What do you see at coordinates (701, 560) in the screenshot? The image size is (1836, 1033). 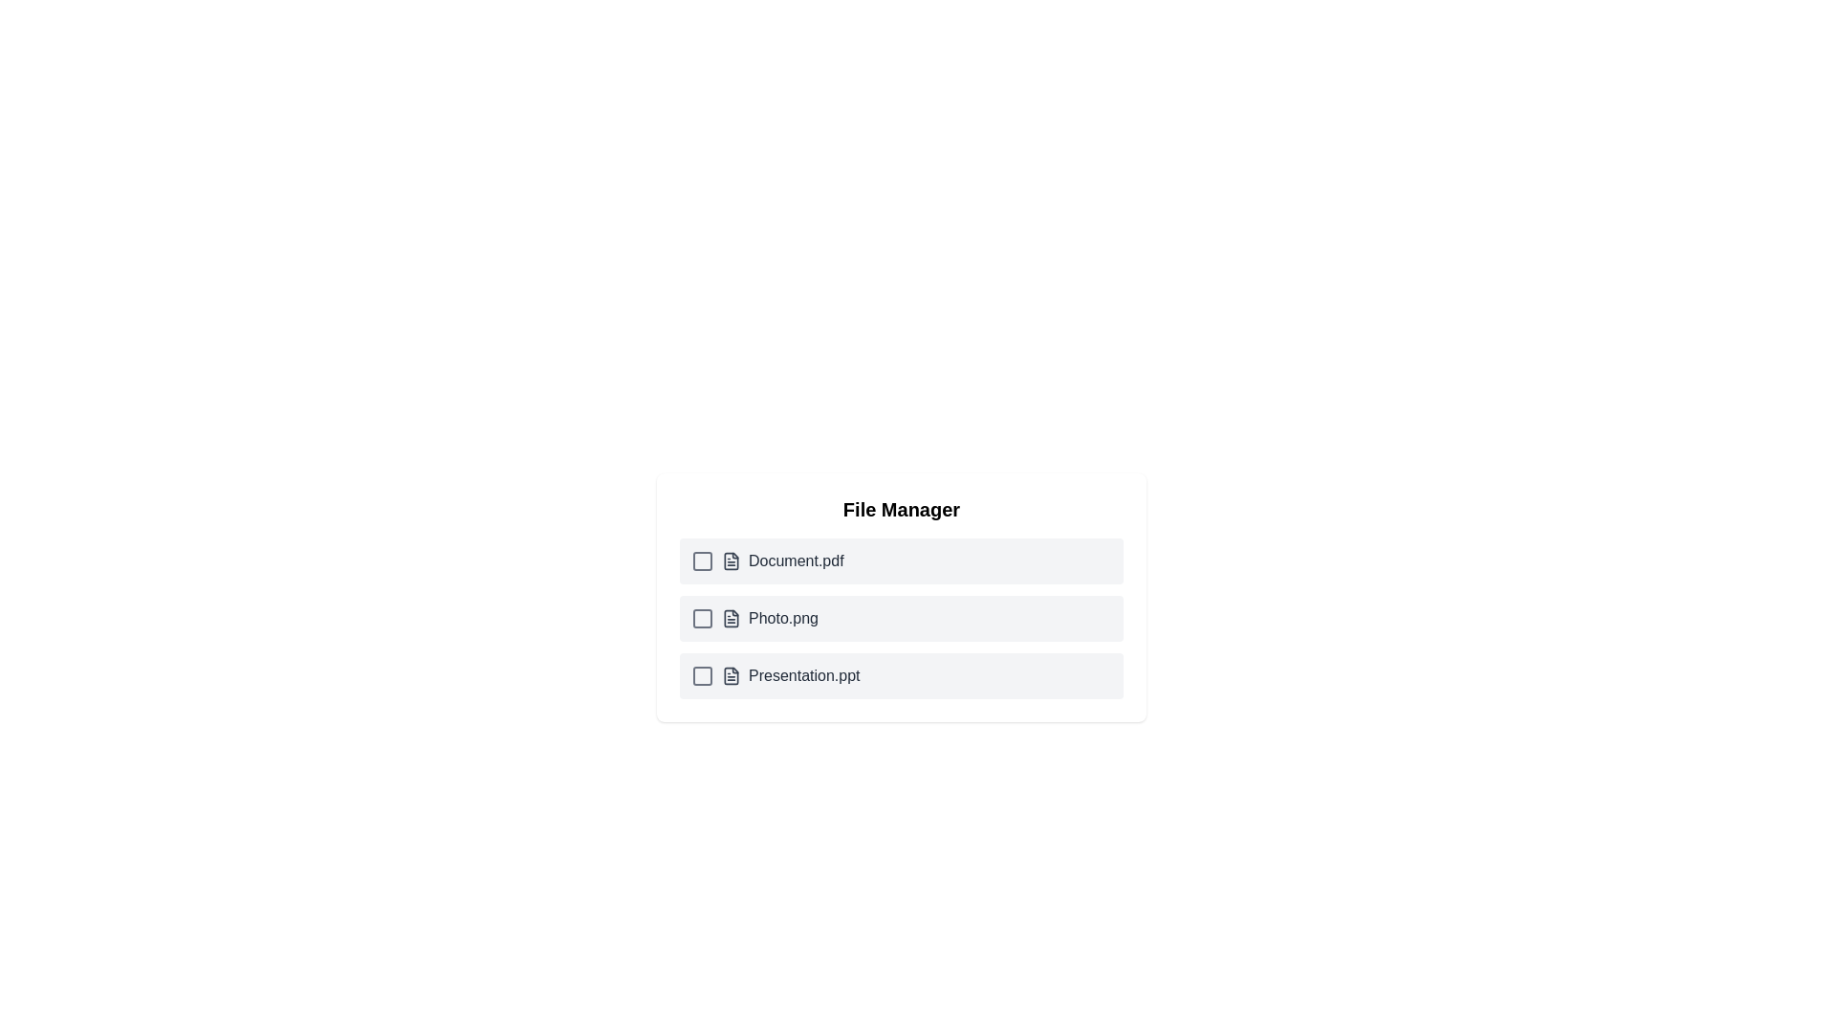 I see `the small square icon with rounded corners located to the left of the label 'Document.pdf' in the file manager interface` at bounding box center [701, 560].